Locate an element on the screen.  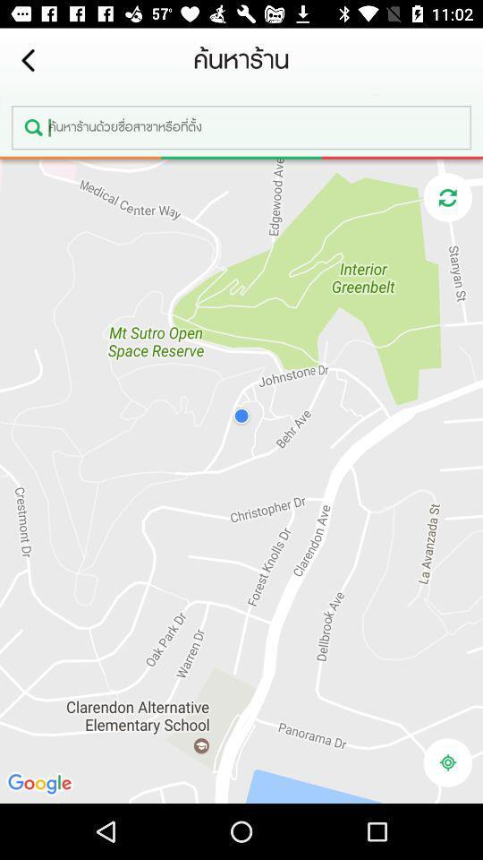
refresh the page is located at coordinates (446, 197).